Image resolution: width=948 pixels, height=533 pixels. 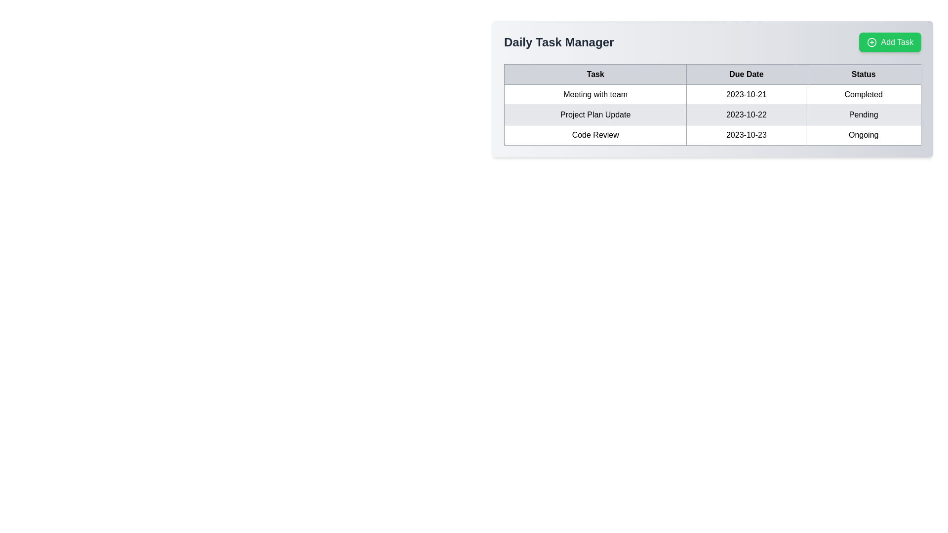 I want to click on the status label indicating the completion status of the task 'Meeting with team' located in the third cell of the first row of the table layout under the 'Status' column, so click(x=863, y=95).